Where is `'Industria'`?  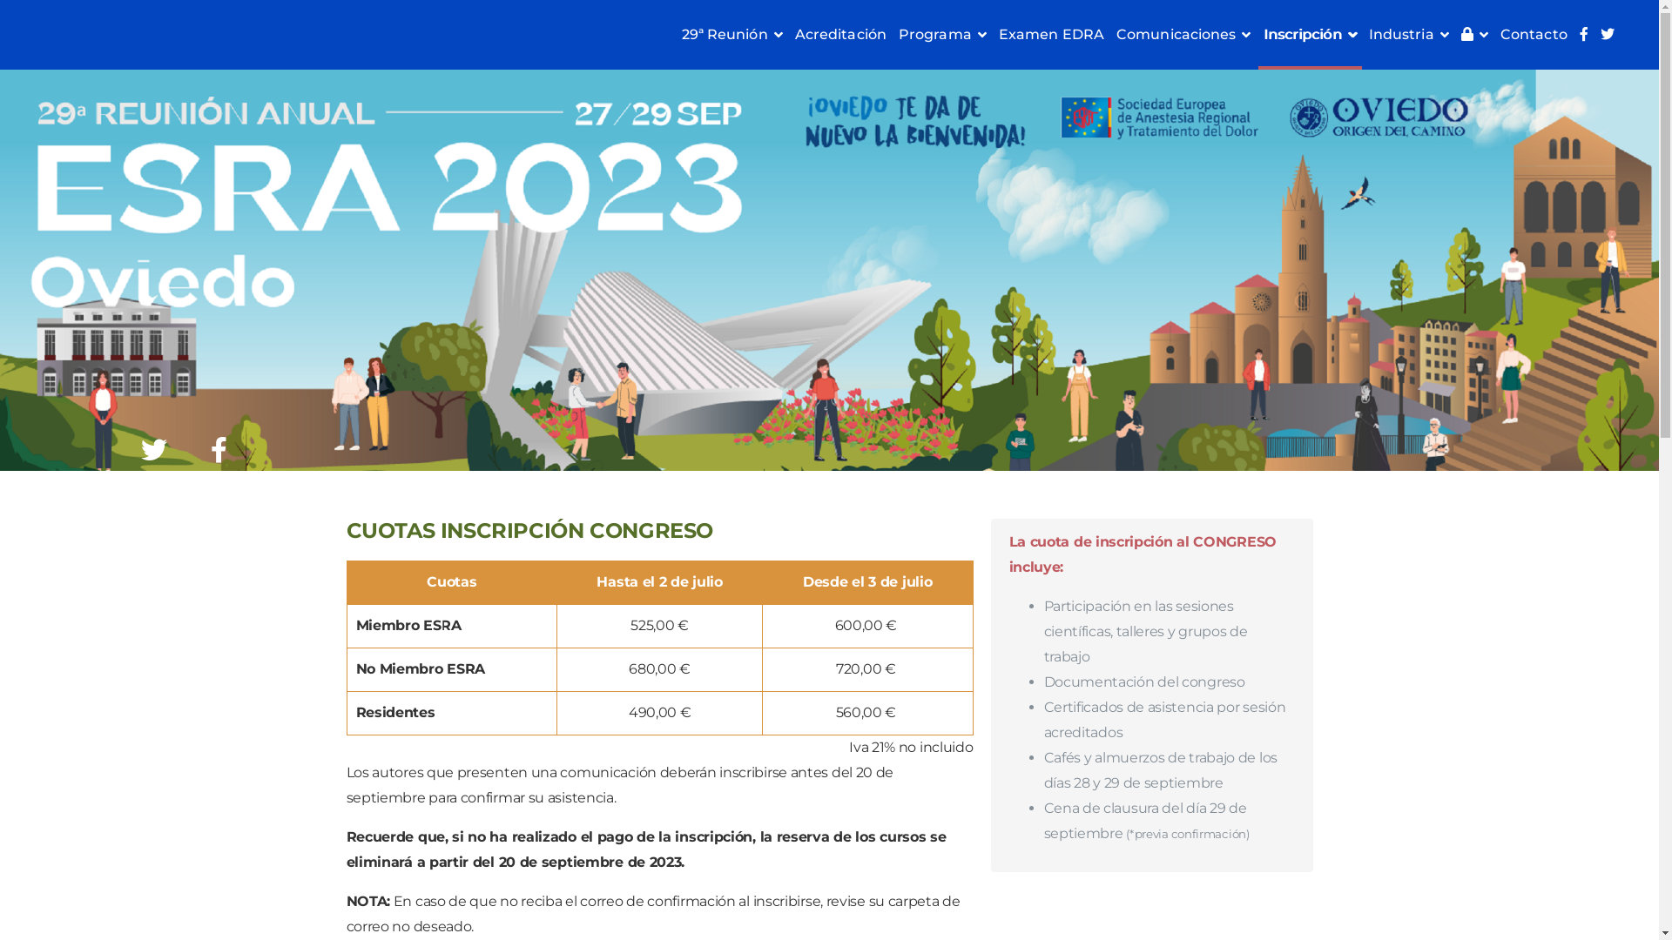
'Industria' is located at coordinates (1362, 34).